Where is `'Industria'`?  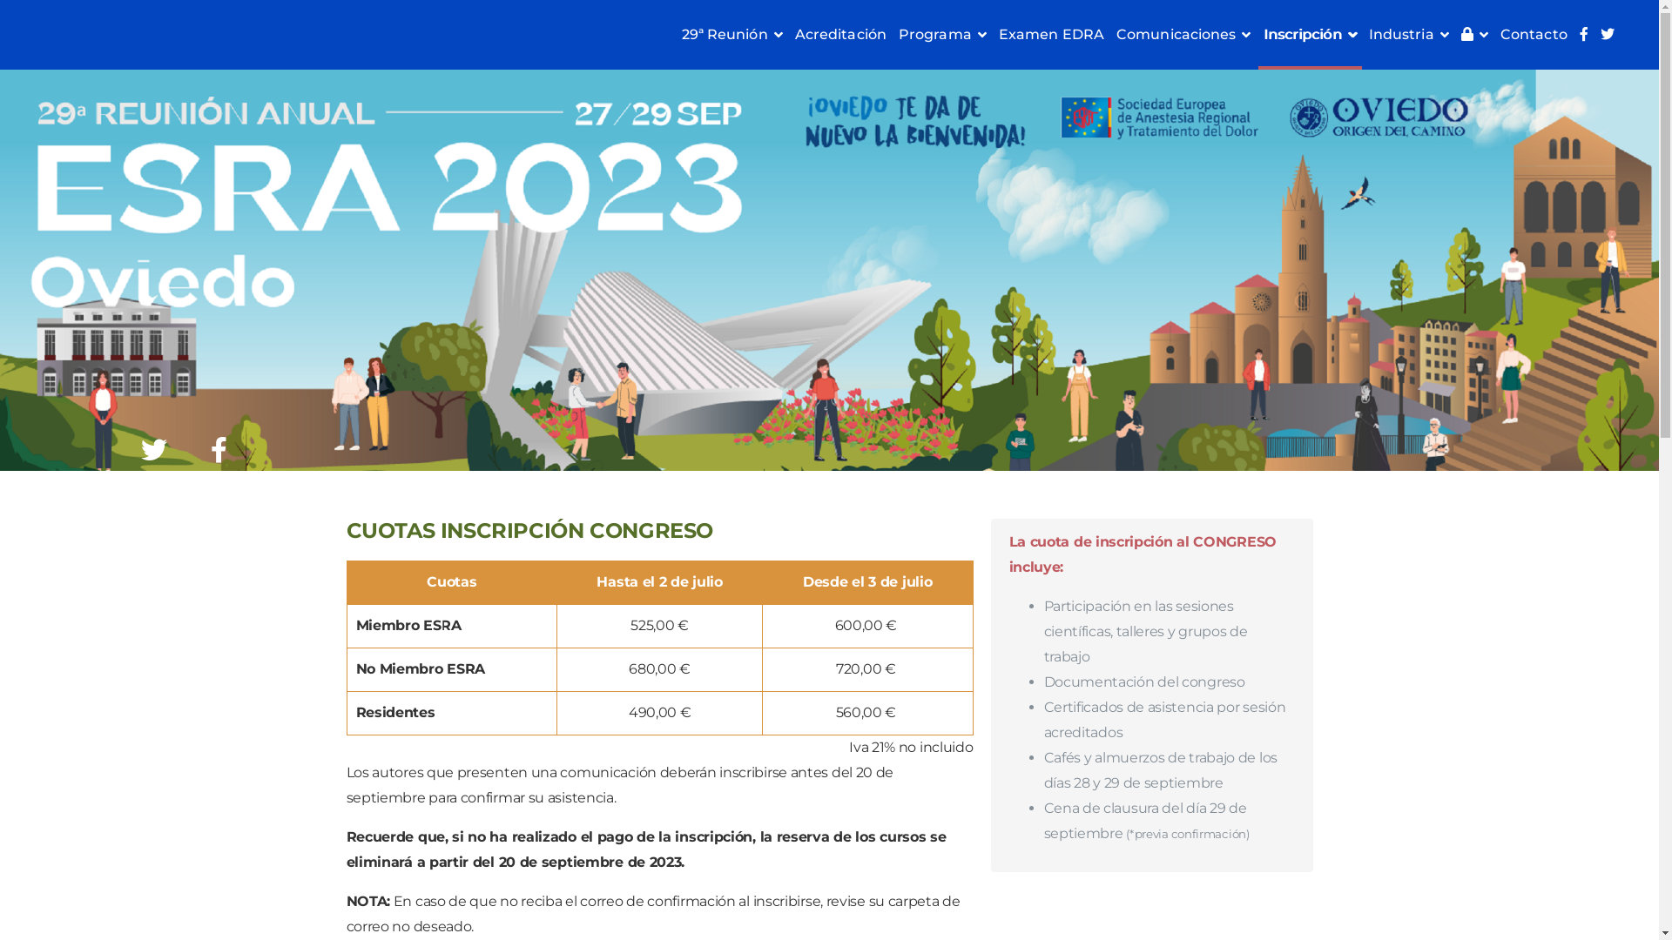
'Industria' is located at coordinates (1362, 34).